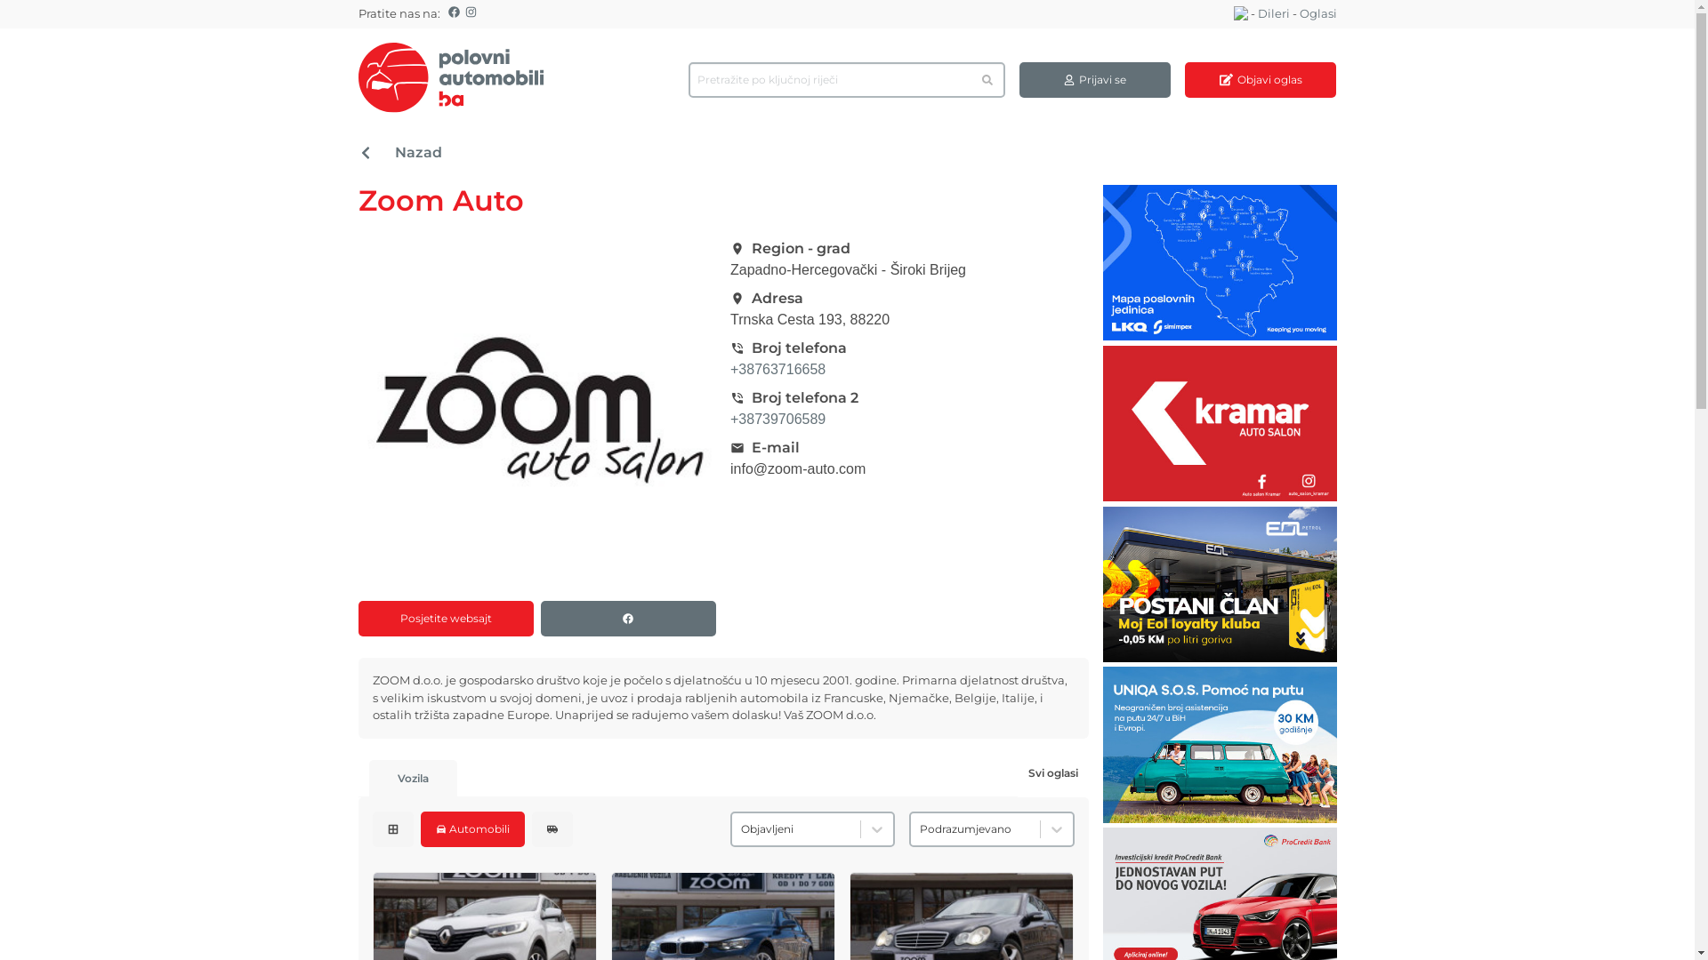  Describe the element at coordinates (777, 368) in the screenshot. I see `'+38763716658'` at that location.